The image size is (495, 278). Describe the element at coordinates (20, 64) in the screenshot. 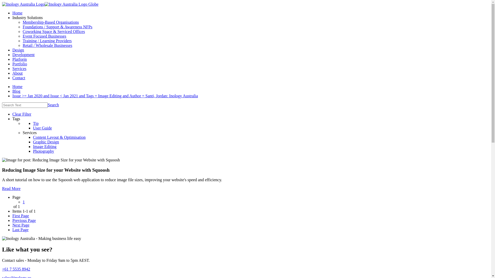

I see `'Portfolio'` at that location.